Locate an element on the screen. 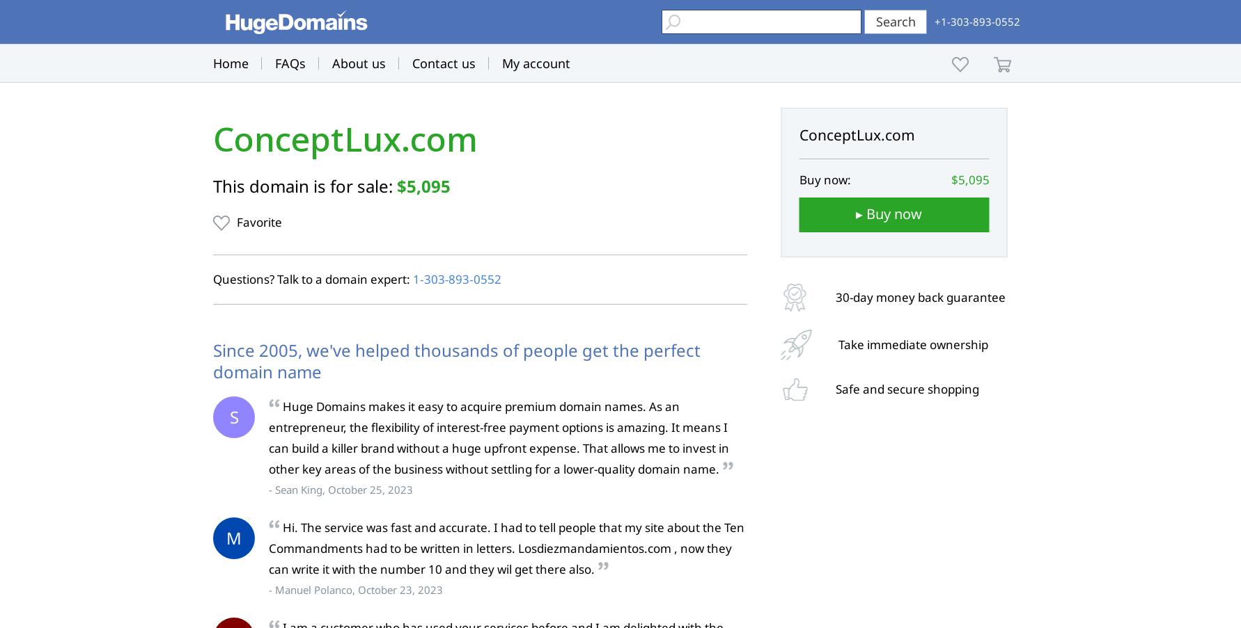  'This domain is for sale:' is located at coordinates (305, 185).